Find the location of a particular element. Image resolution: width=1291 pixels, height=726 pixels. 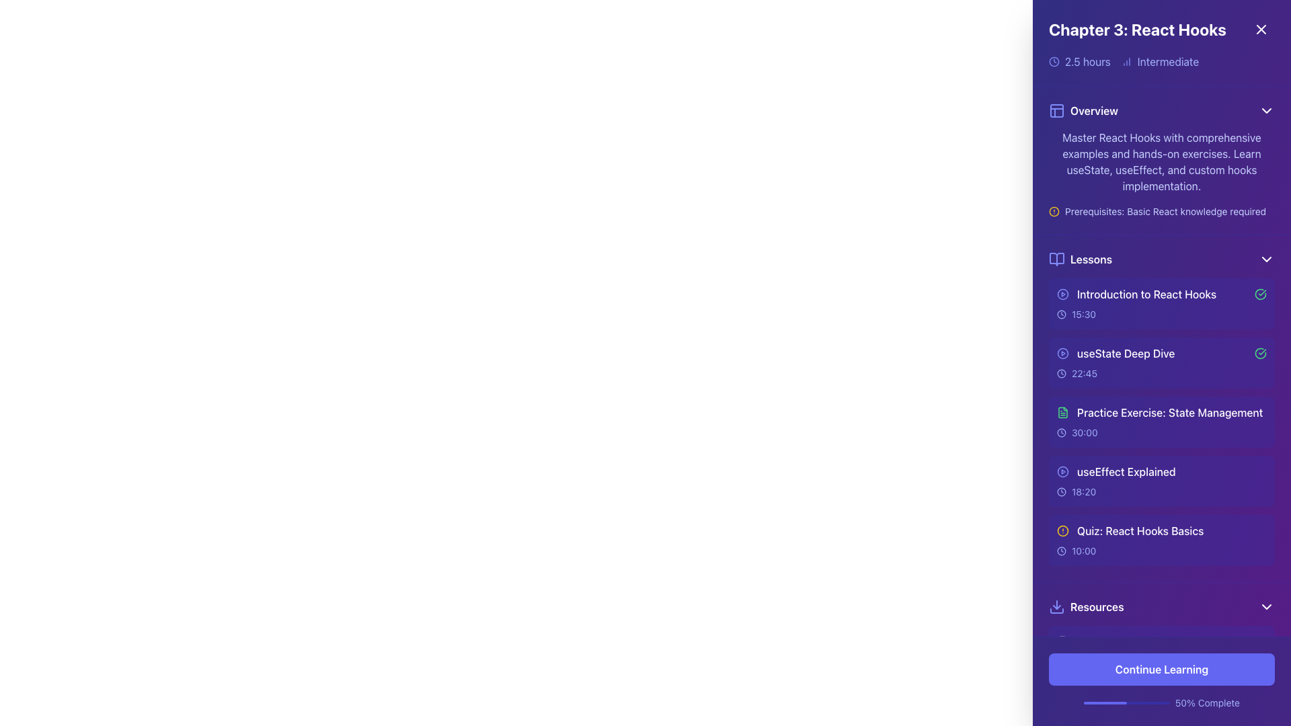

displayed text from the text label that shows '50% Complete' in light indigo color, located at the bottom-right of the sidebar interface is located at coordinates (1207, 702).